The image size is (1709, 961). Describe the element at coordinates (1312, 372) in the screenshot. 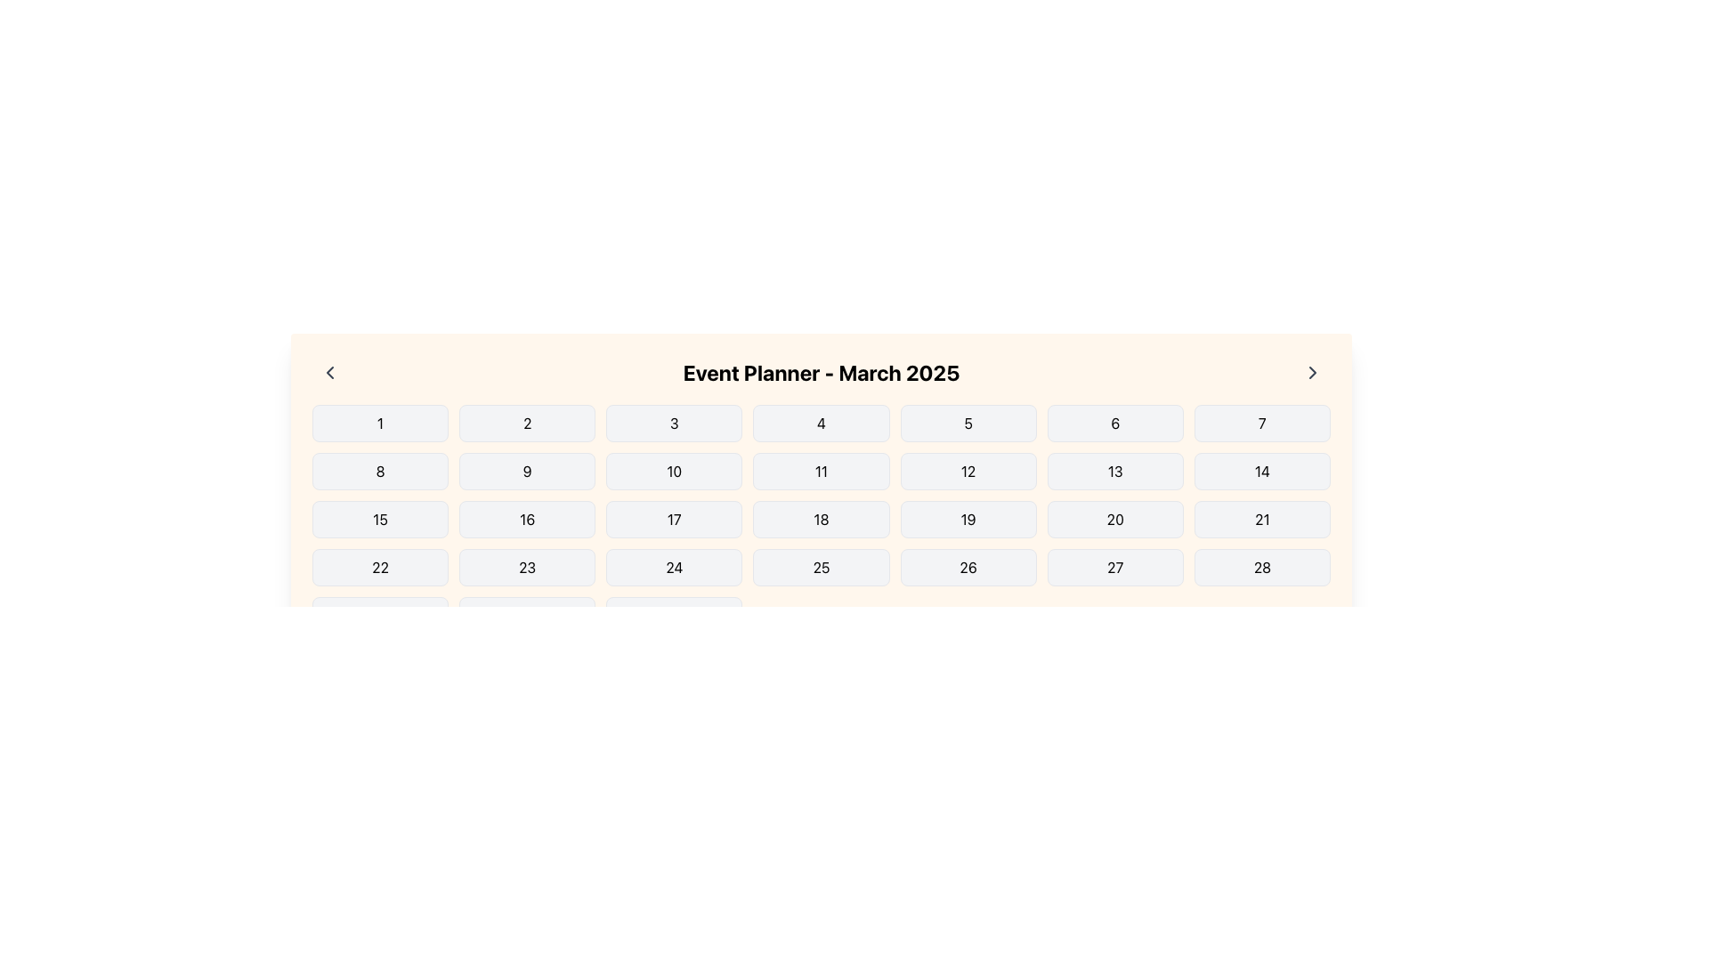

I see `the rightward chevron button located in the top-right corner of the calendar interface next to the 'Event Planner - March 2025' title` at that location.